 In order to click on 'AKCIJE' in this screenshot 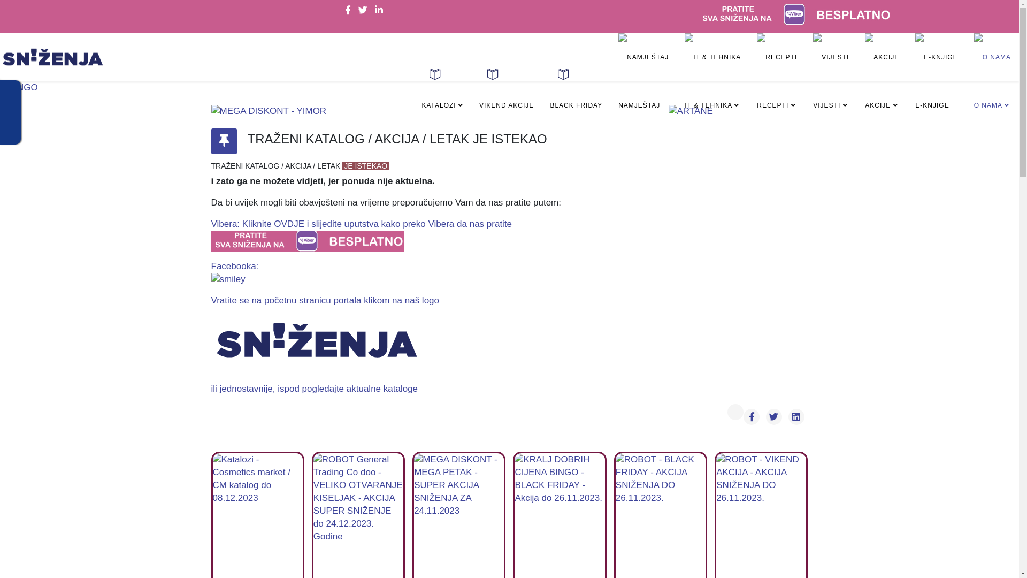, I will do `click(882, 80)`.